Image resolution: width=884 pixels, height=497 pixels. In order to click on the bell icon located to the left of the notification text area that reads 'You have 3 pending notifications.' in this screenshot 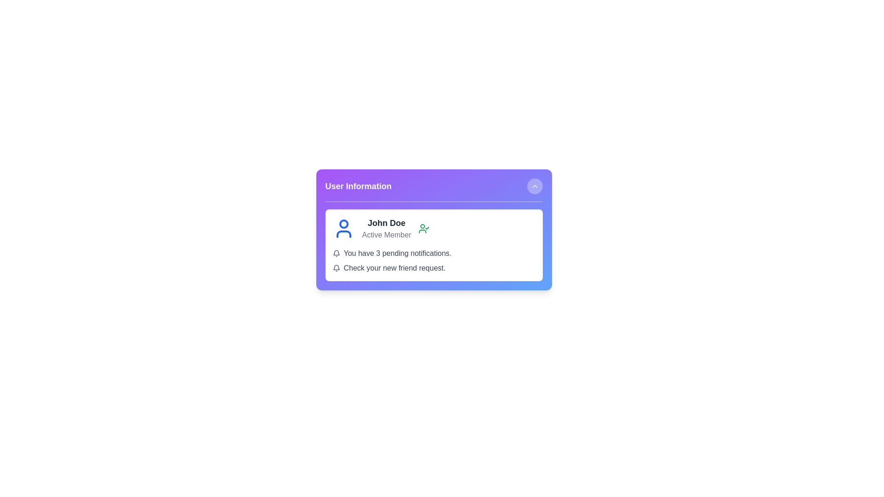, I will do `click(336, 254)`.